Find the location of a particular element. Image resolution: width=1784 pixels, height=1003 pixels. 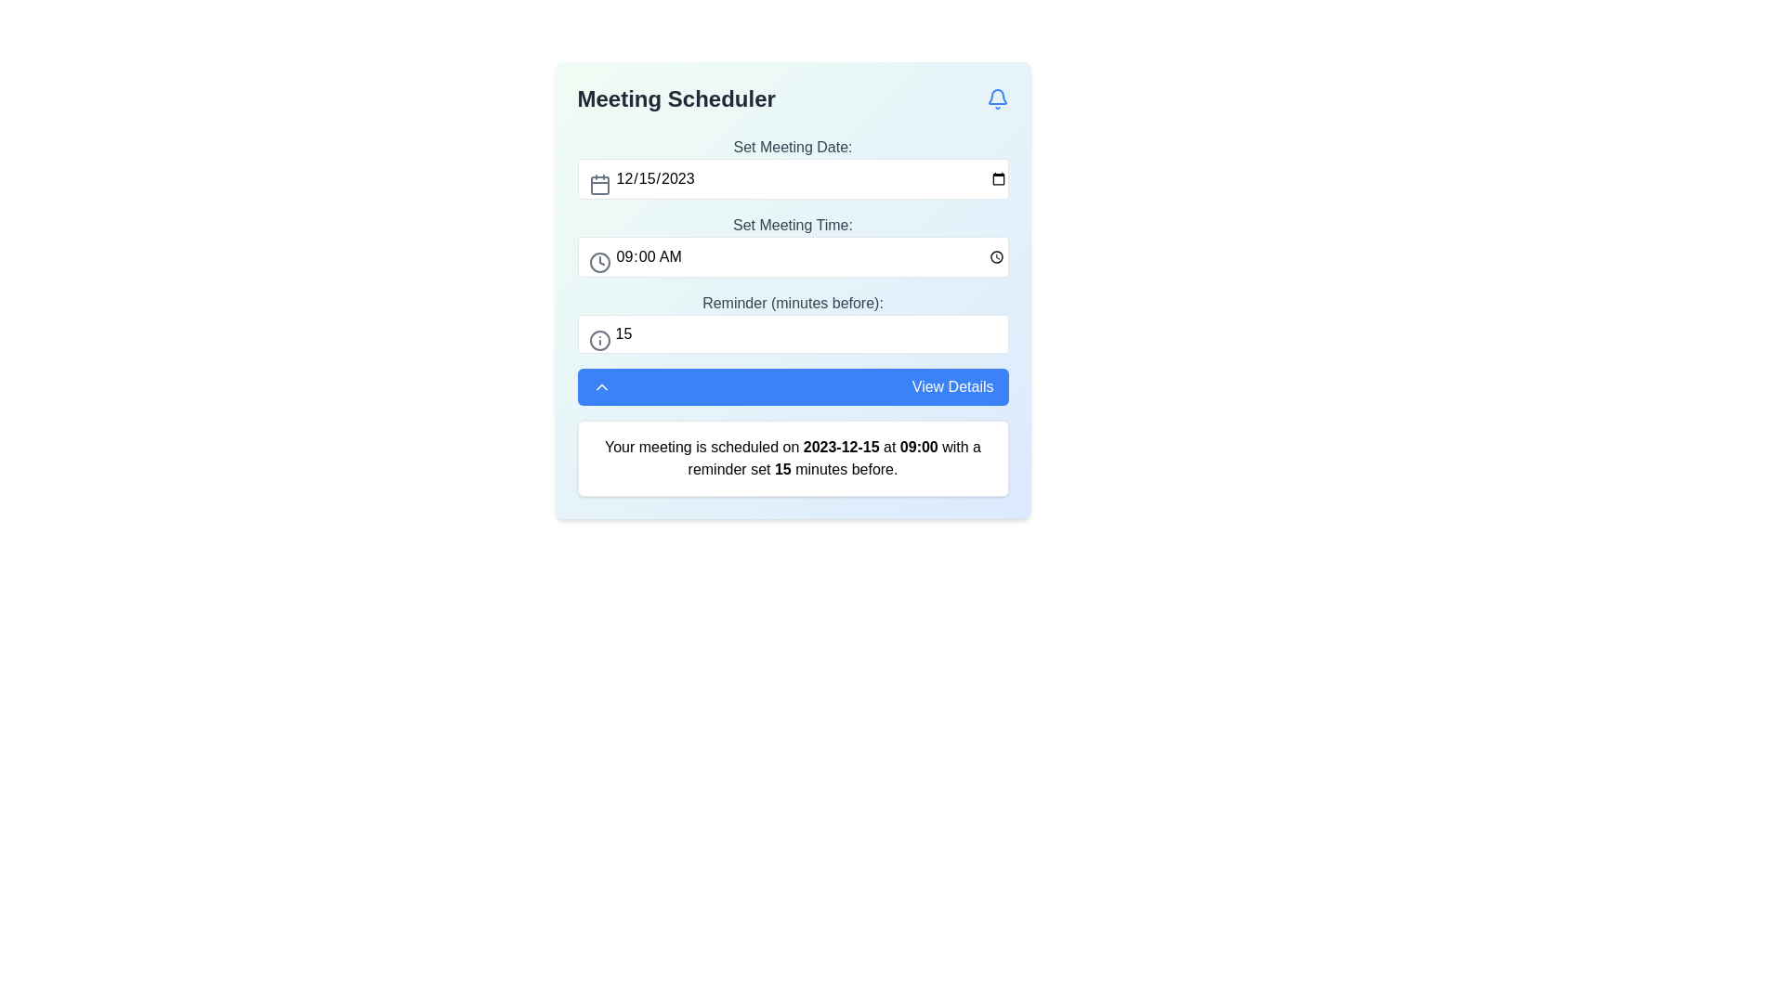

the informational icon located to the left of the 'Reminder (minutes before):' input field is located at coordinates (599, 340).